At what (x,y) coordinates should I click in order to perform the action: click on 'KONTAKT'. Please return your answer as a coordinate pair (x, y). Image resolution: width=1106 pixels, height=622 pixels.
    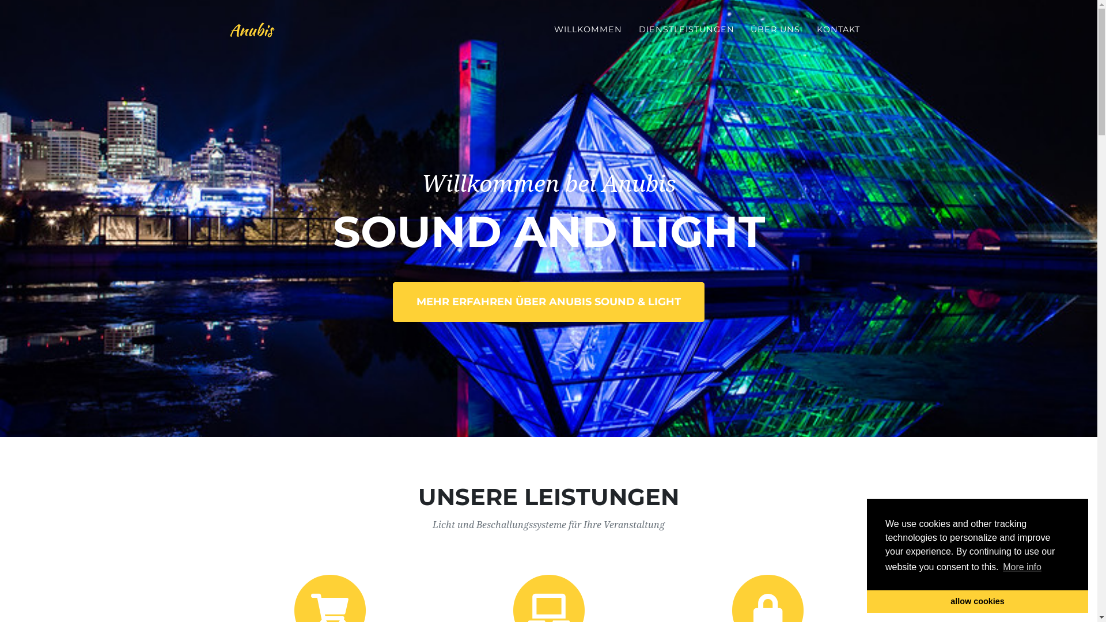
    Looking at the image, I should click on (838, 29).